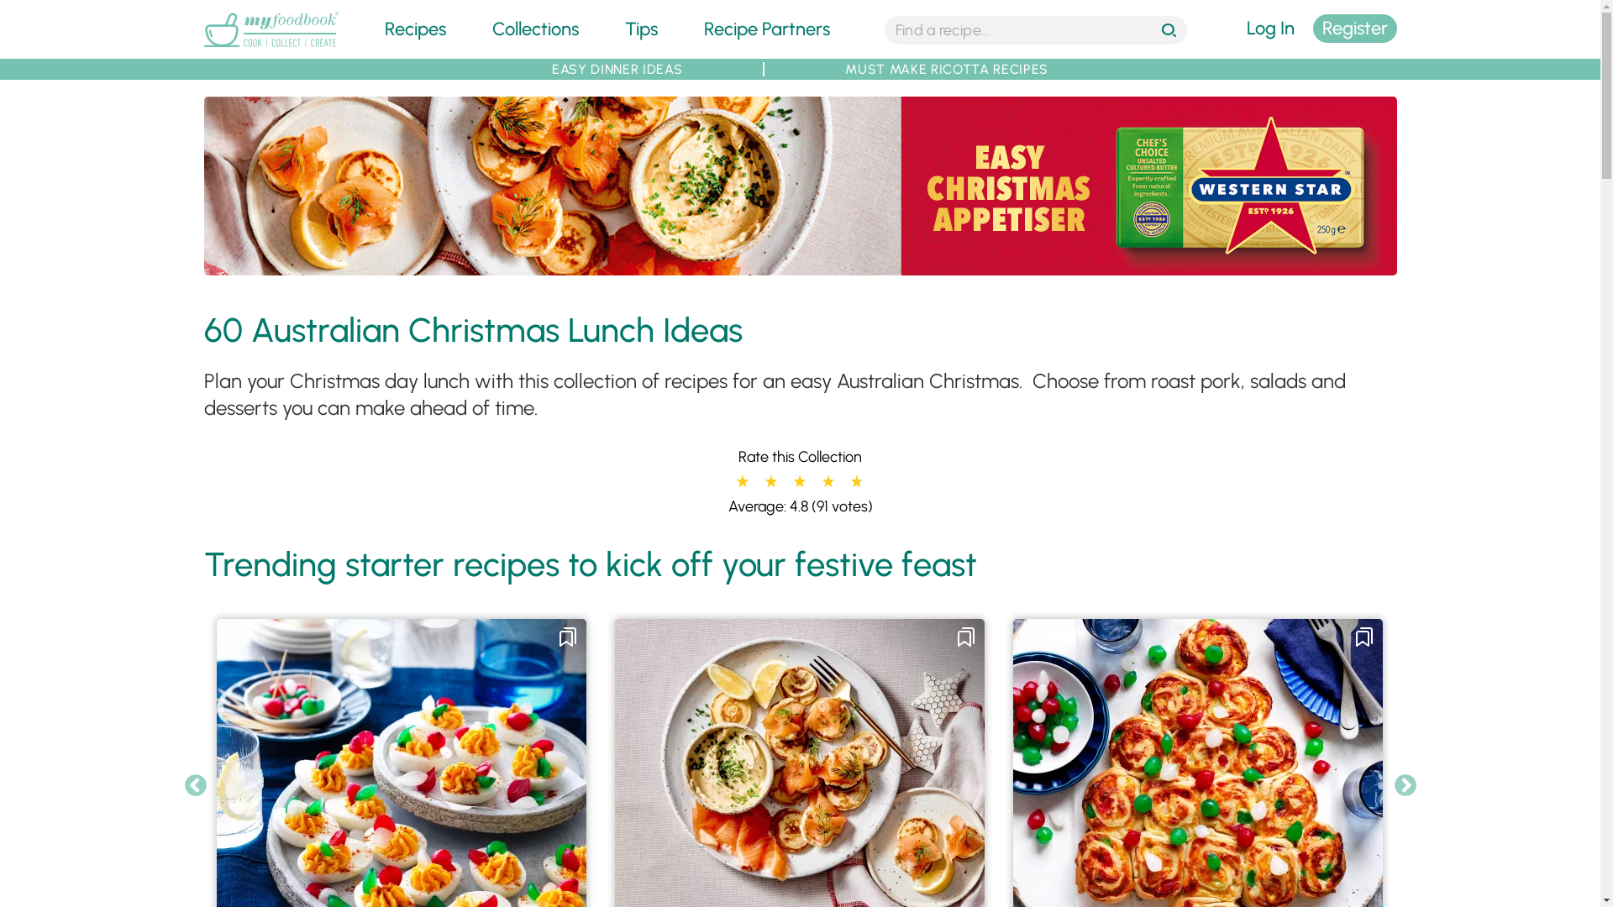 The image size is (1613, 907). I want to click on 'Save recipe', so click(955, 637).